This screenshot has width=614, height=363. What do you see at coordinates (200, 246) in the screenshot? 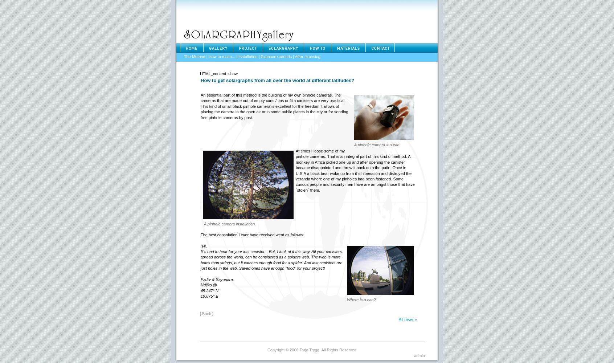
I see `'”Hi,'` at bounding box center [200, 246].